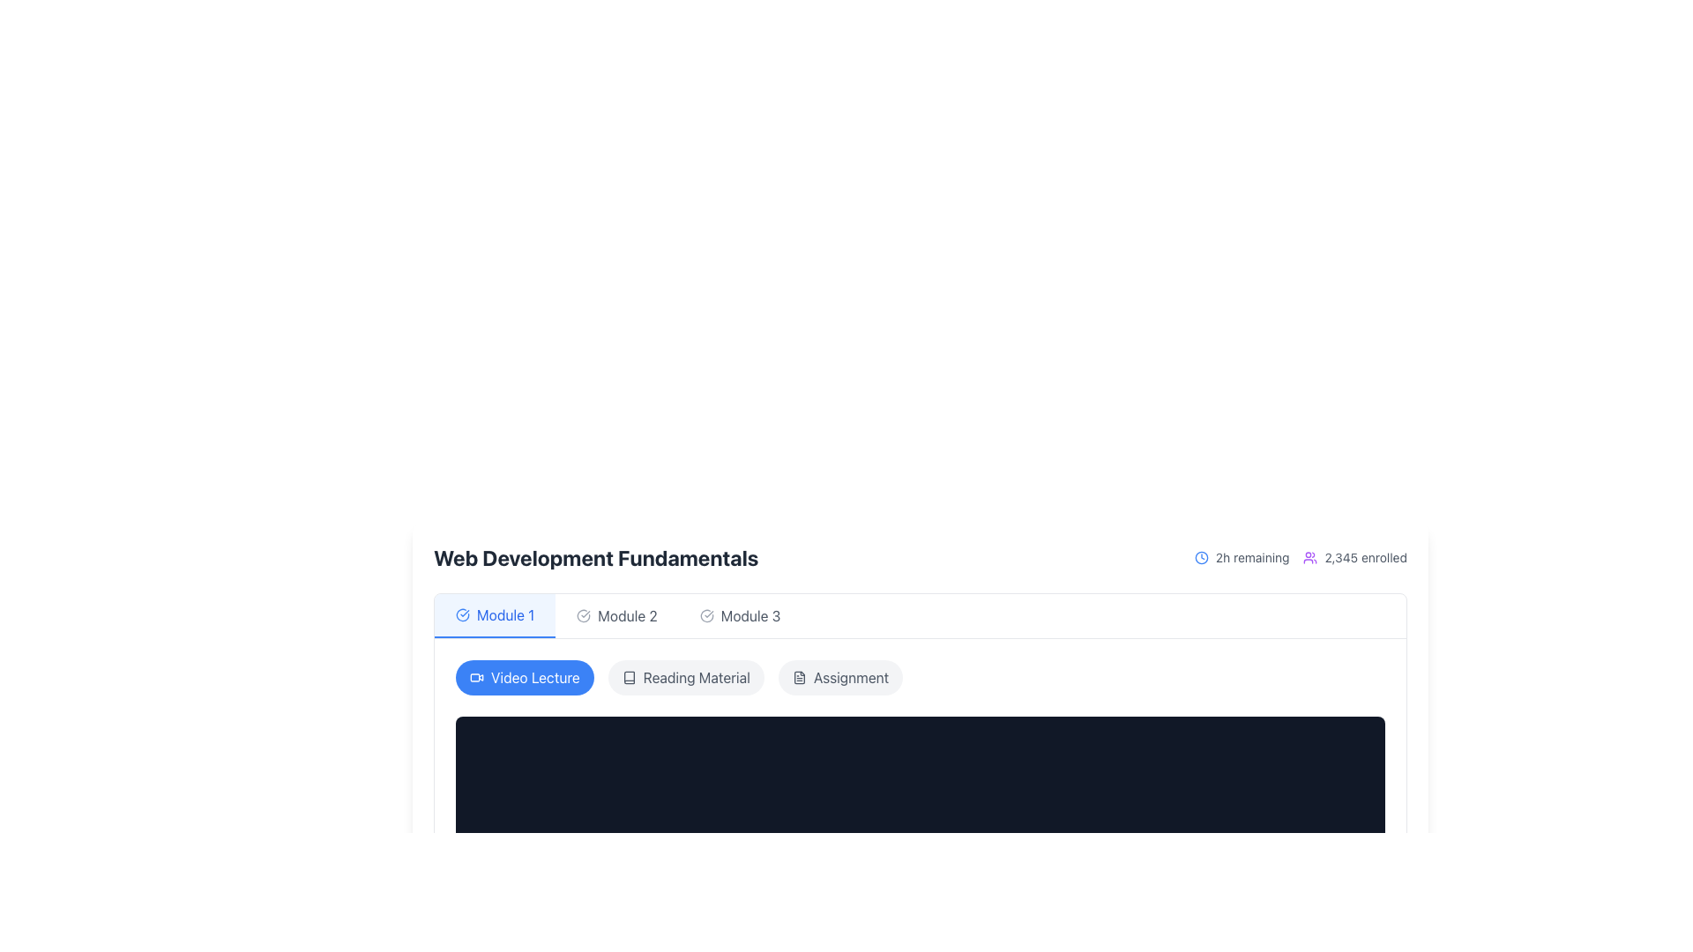 This screenshot has width=1693, height=952. I want to click on the decorative icon representing the 'Reading Material' option within the interface, which is located to the left of the 'Reading Material' label, so click(629, 676).